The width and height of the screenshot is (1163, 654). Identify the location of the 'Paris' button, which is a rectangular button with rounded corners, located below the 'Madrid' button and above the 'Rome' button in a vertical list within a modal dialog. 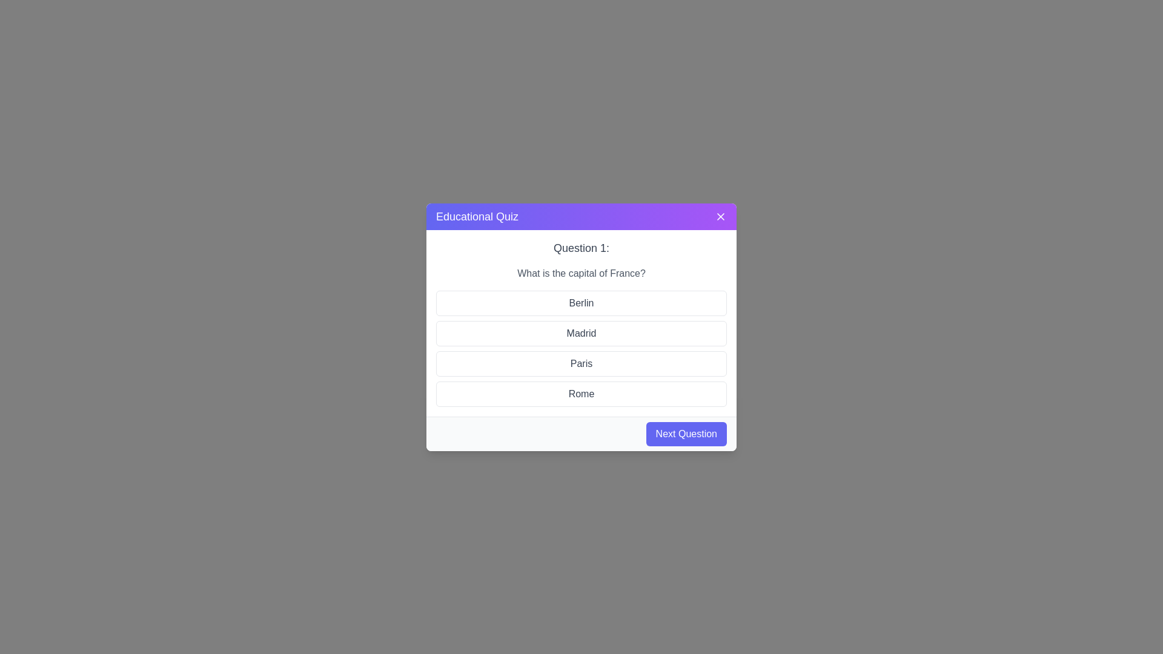
(581, 363).